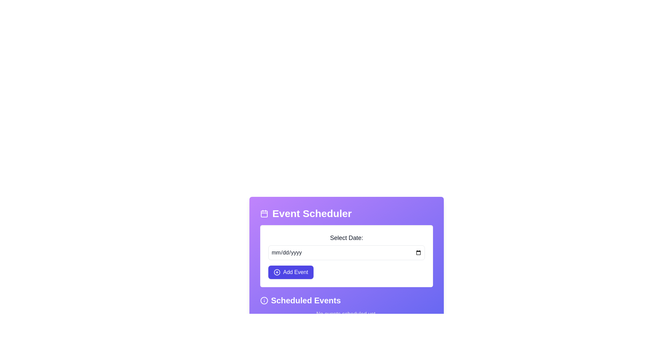 This screenshot has width=648, height=364. I want to click on the 'Add Event' button, which has a vibrant indigo background and white text, so click(291, 272).